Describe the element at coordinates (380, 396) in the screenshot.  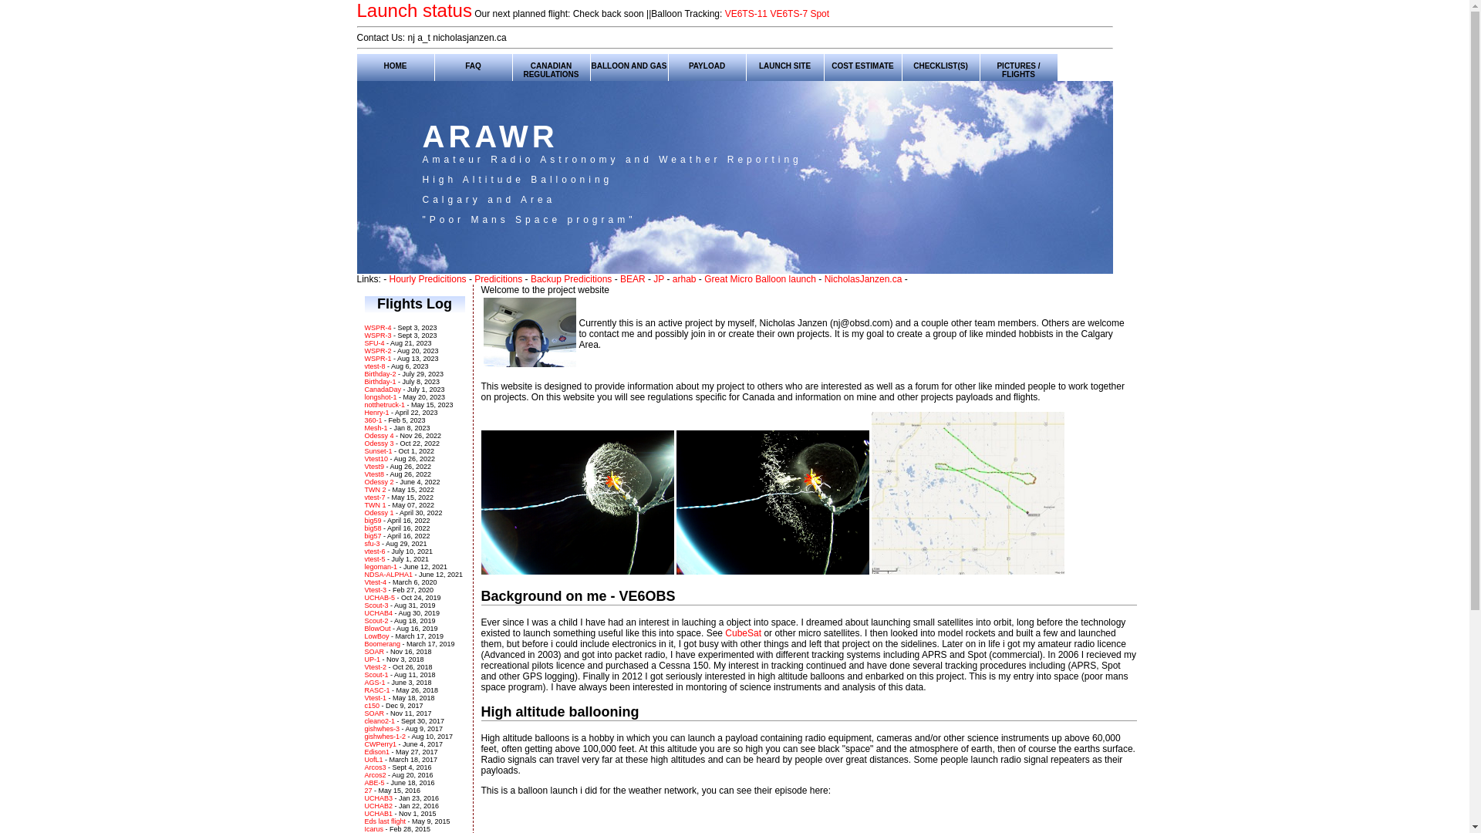
I see `'longshot-1'` at that location.